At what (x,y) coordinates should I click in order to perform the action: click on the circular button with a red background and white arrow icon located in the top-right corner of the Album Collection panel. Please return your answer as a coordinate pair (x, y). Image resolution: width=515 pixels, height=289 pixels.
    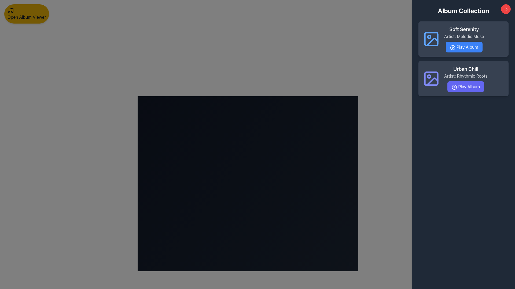
    Looking at the image, I should click on (506, 9).